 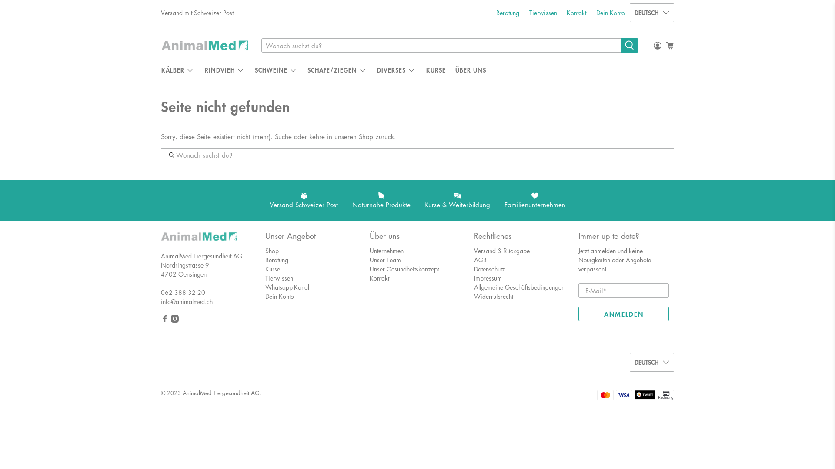 What do you see at coordinates (489, 268) in the screenshot?
I see `'Datenschutz'` at bounding box center [489, 268].